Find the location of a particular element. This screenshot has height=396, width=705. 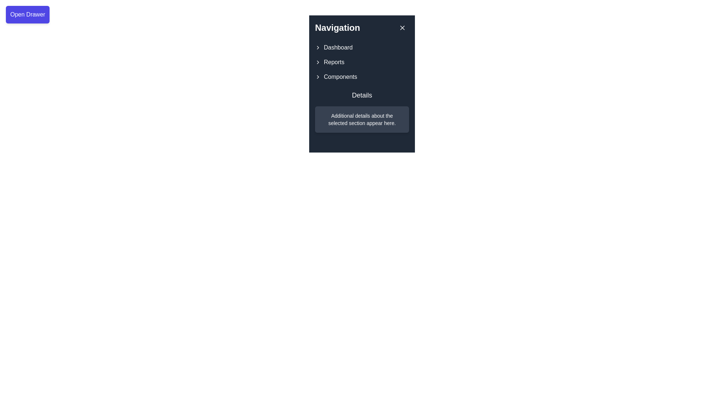

the 'Reports' menu item, which is the second item in the navigation menu is located at coordinates (362, 62).